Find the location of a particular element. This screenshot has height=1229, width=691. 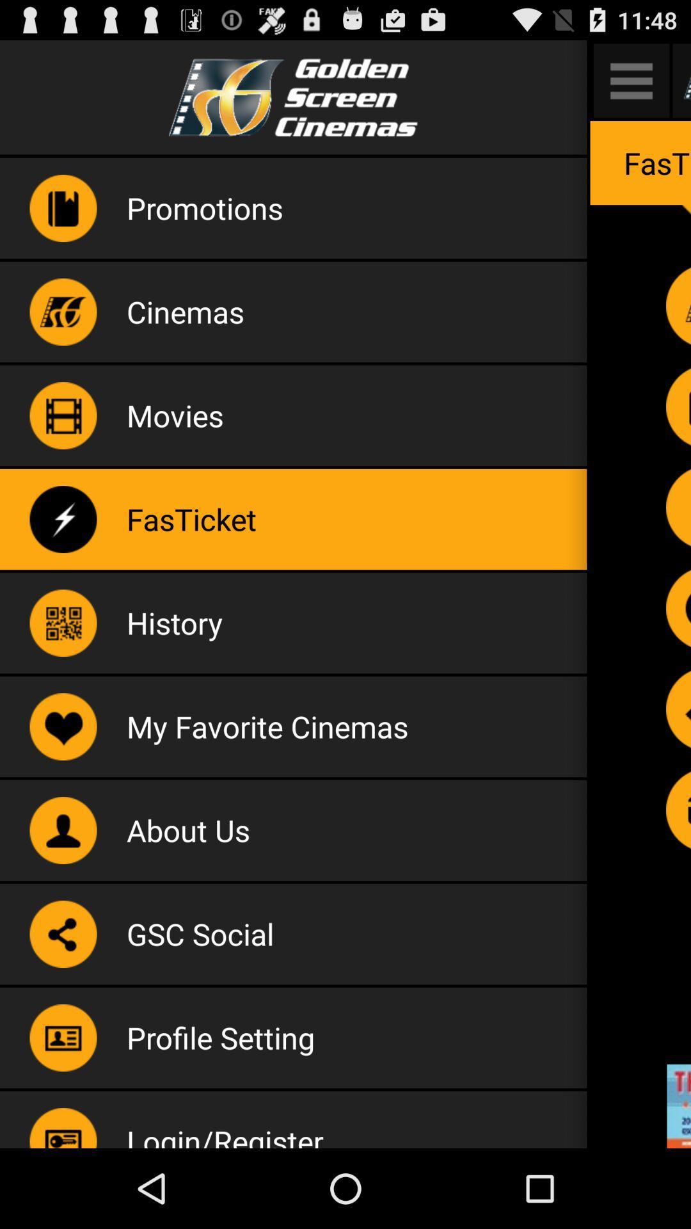

choose option is located at coordinates (678, 607).